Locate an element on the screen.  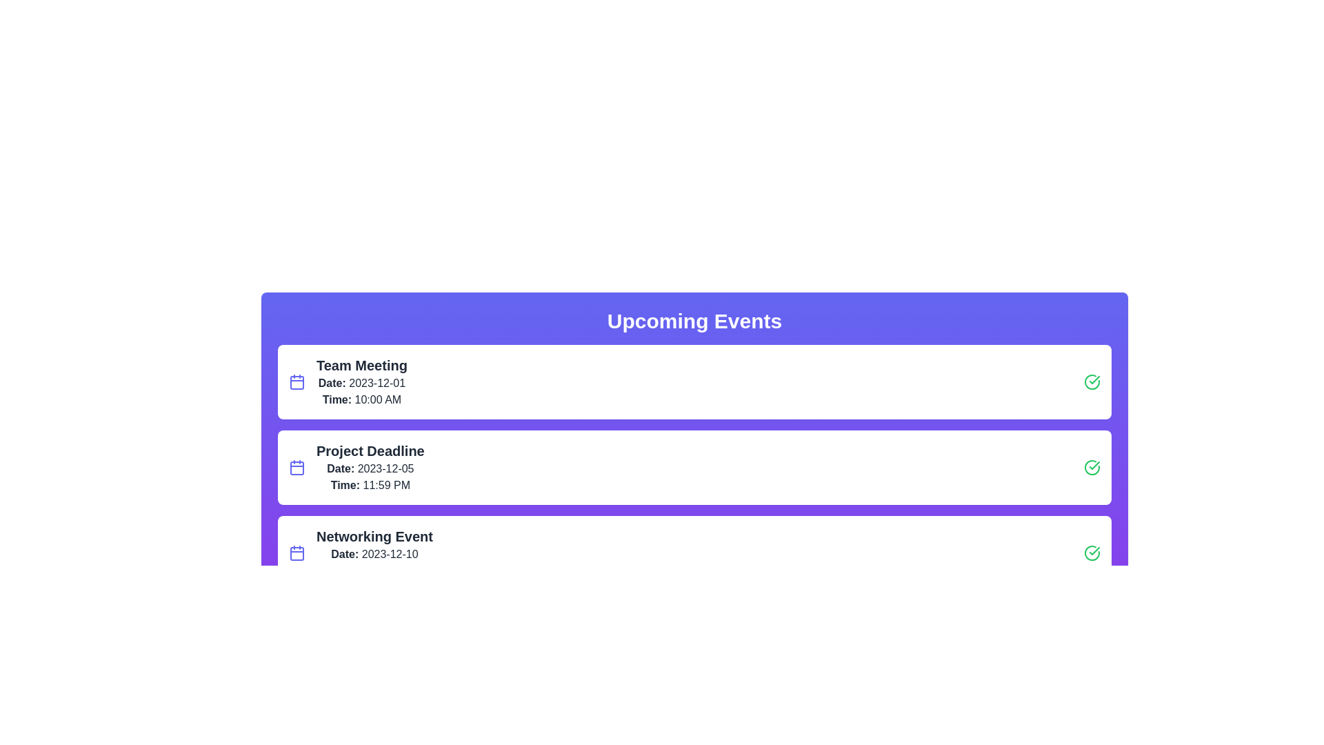
checkmark icon indicating the 'Team Meeting' event, located at the top-right corner of the event box is located at coordinates (1094, 466).